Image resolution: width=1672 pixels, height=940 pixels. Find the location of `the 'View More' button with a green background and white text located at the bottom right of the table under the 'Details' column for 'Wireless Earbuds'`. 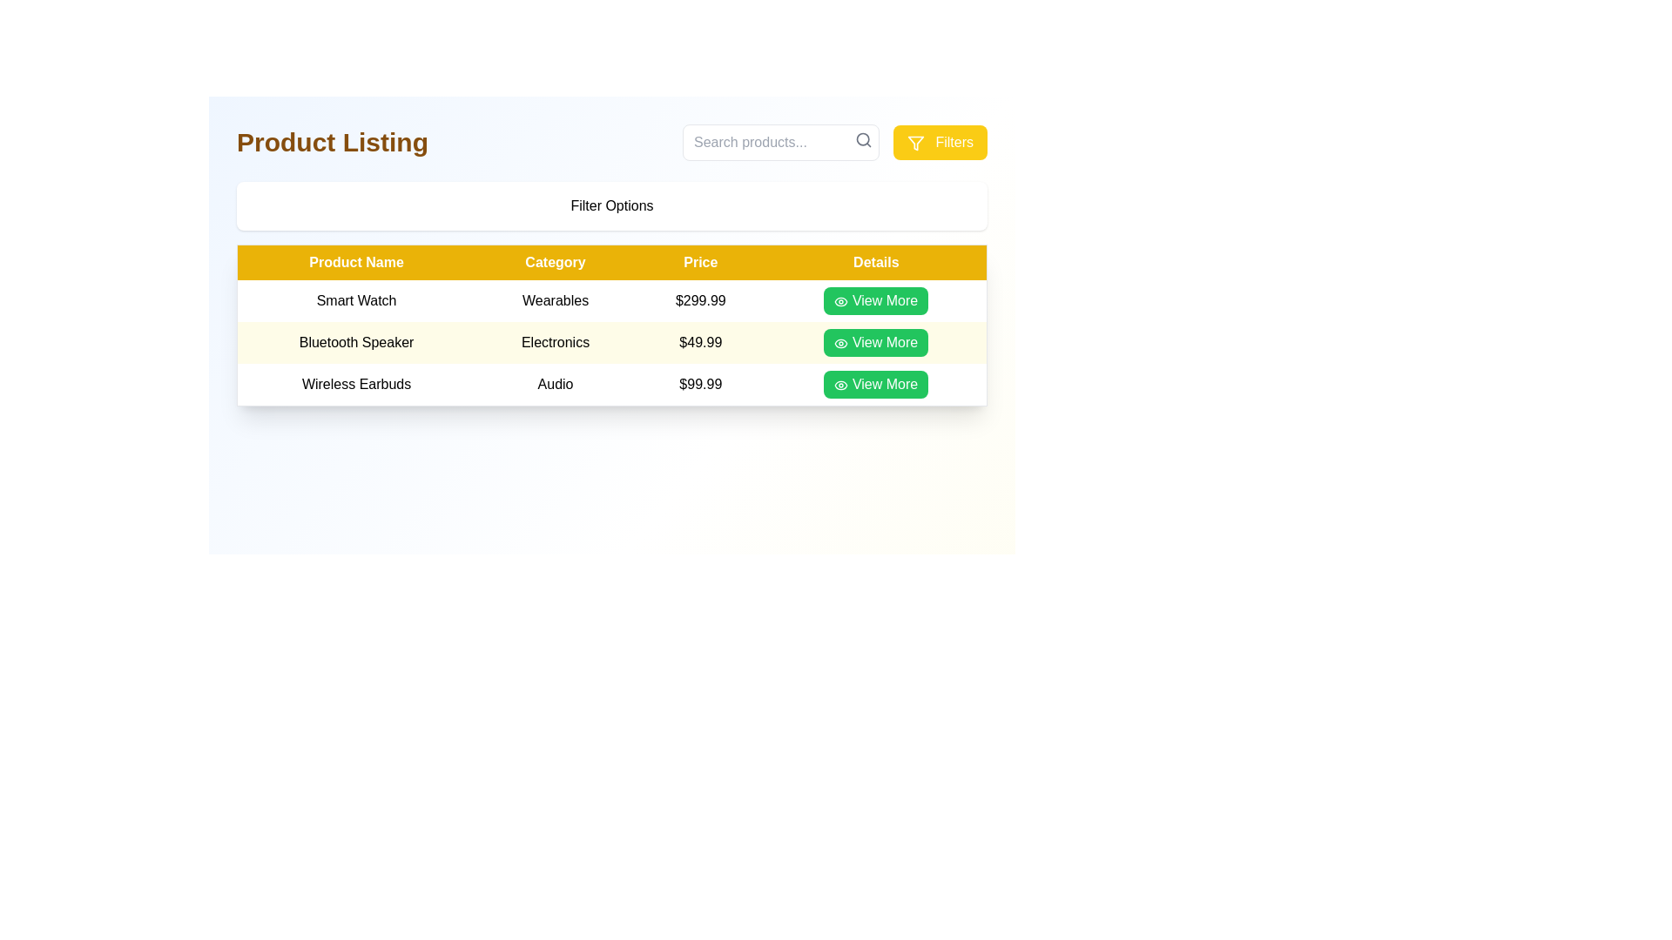

the 'View More' button with a green background and white text located at the bottom right of the table under the 'Details' column for 'Wireless Earbuds' is located at coordinates (876, 384).